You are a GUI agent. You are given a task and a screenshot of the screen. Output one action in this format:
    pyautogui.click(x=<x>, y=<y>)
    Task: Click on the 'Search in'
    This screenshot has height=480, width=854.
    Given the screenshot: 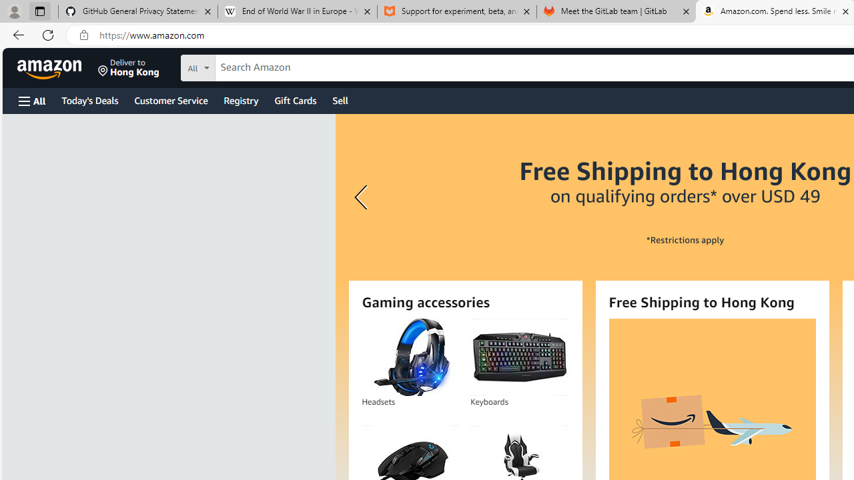 What is the action you would take?
    pyautogui.click(x=248, y=66)
    